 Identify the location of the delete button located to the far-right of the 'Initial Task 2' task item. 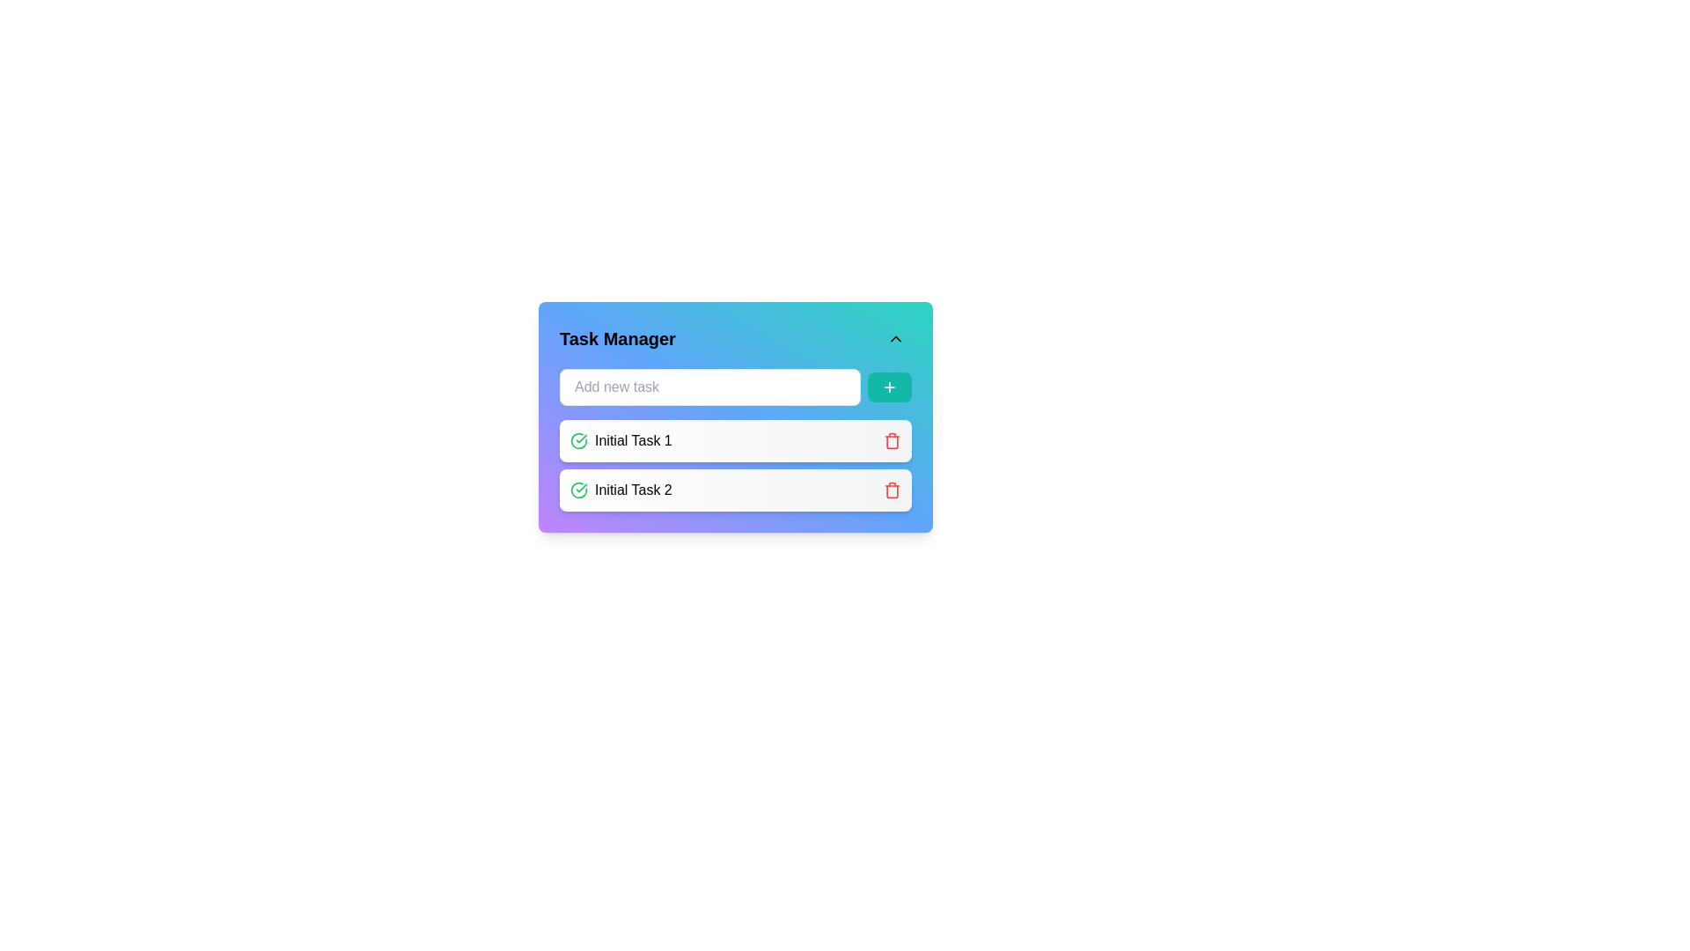
(892, 490).